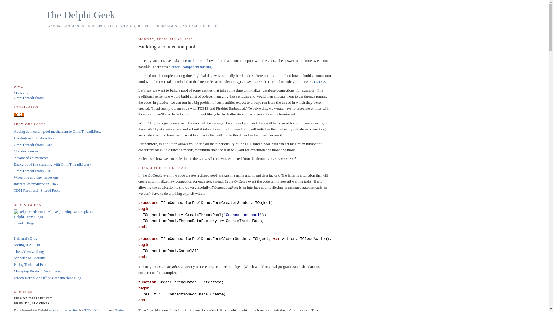  I want to click on 'The Delphi Geek', so click(80, 15).